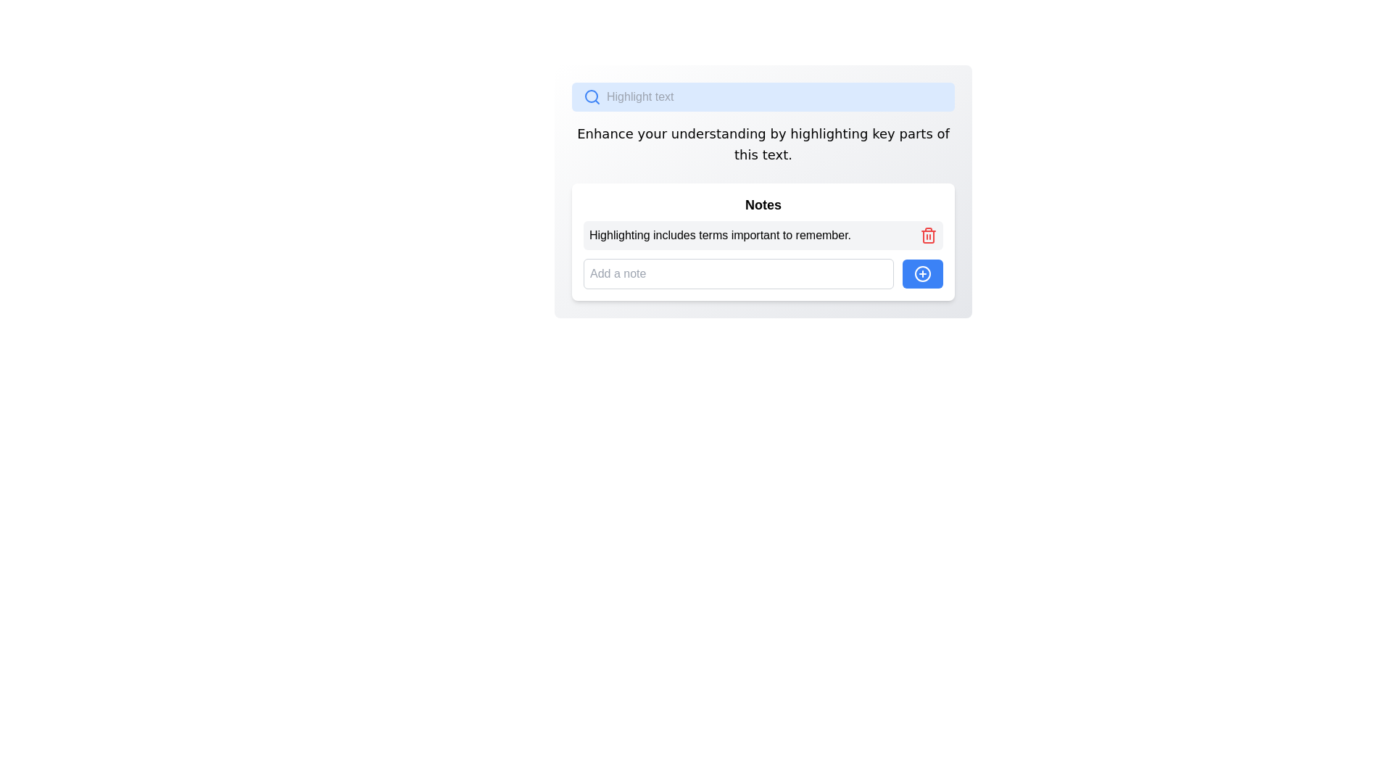 Image resolution: width=1392 pixels, height=783 pixels. Describe the element at coordinates (713, 133) in the screenshot. I see `the character 's' in the word 'understanding' on the light background, which is the 36th character in the text line` at that location.